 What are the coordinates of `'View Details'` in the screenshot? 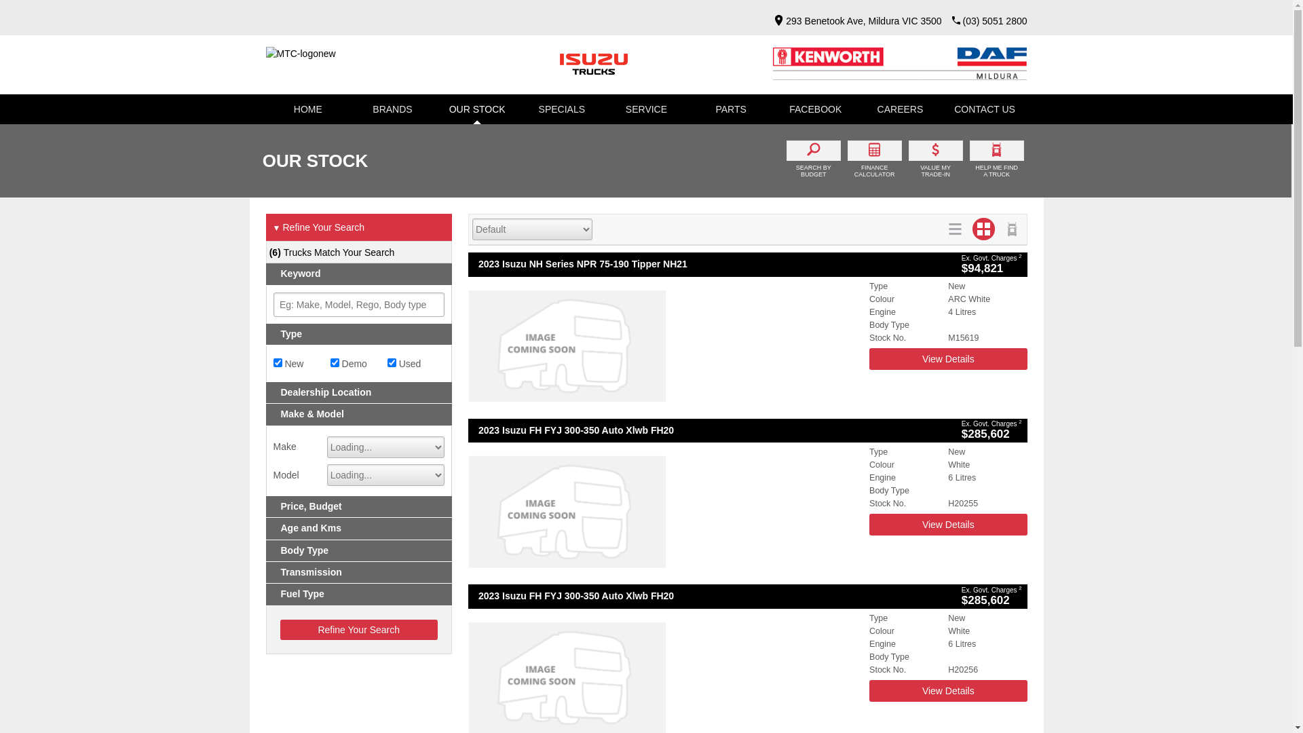 It's located at (947, 358).